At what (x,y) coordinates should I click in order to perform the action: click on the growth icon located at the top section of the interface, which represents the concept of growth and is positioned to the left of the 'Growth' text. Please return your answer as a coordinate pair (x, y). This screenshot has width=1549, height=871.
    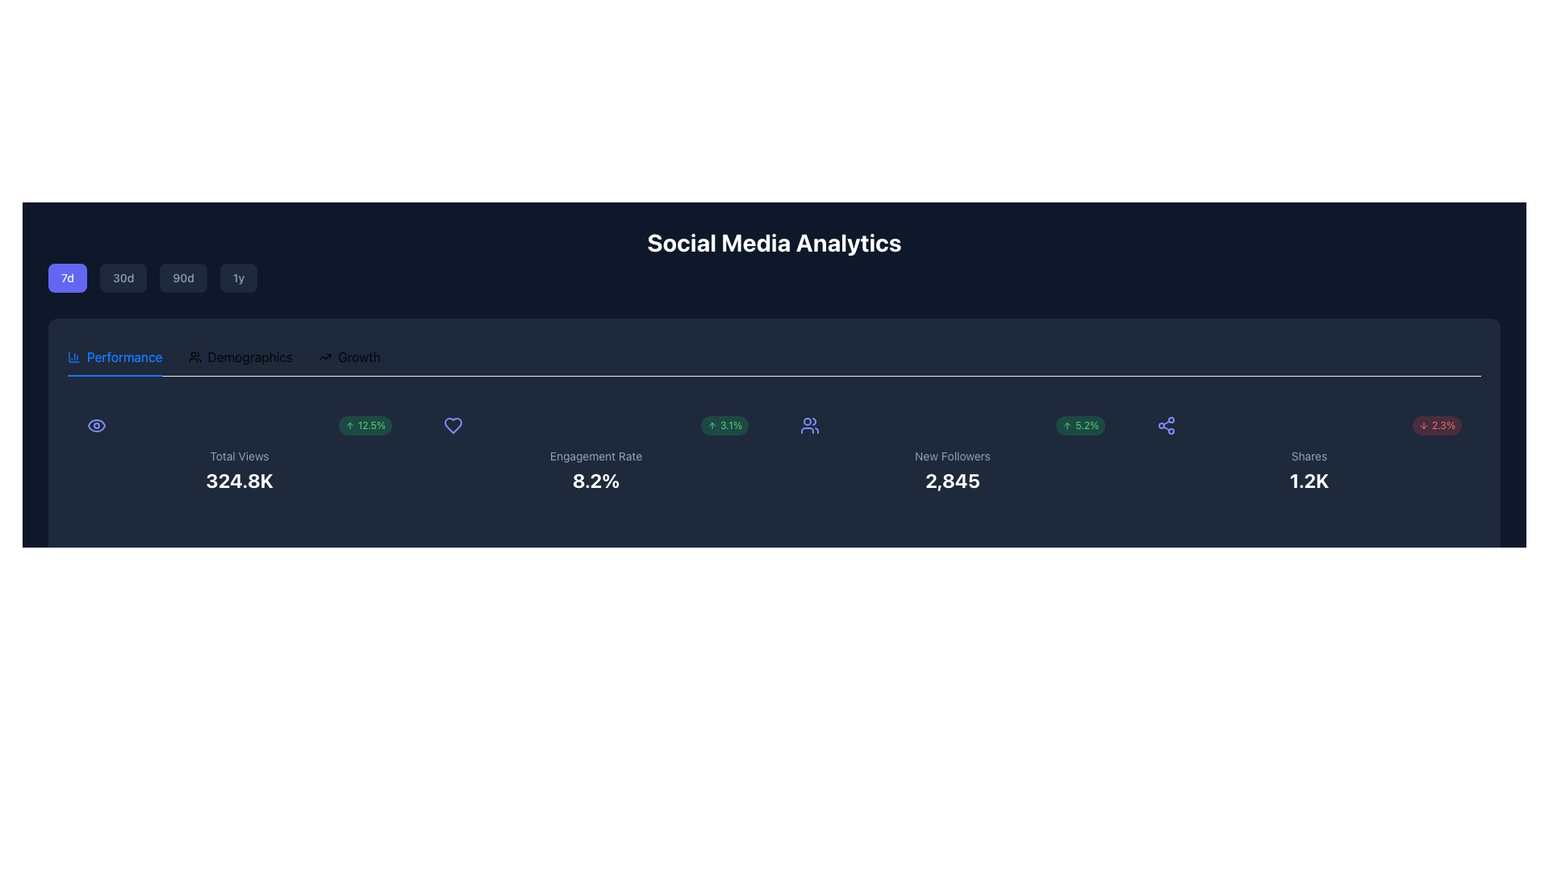
    Looking at the image, I should click on (324, 356).